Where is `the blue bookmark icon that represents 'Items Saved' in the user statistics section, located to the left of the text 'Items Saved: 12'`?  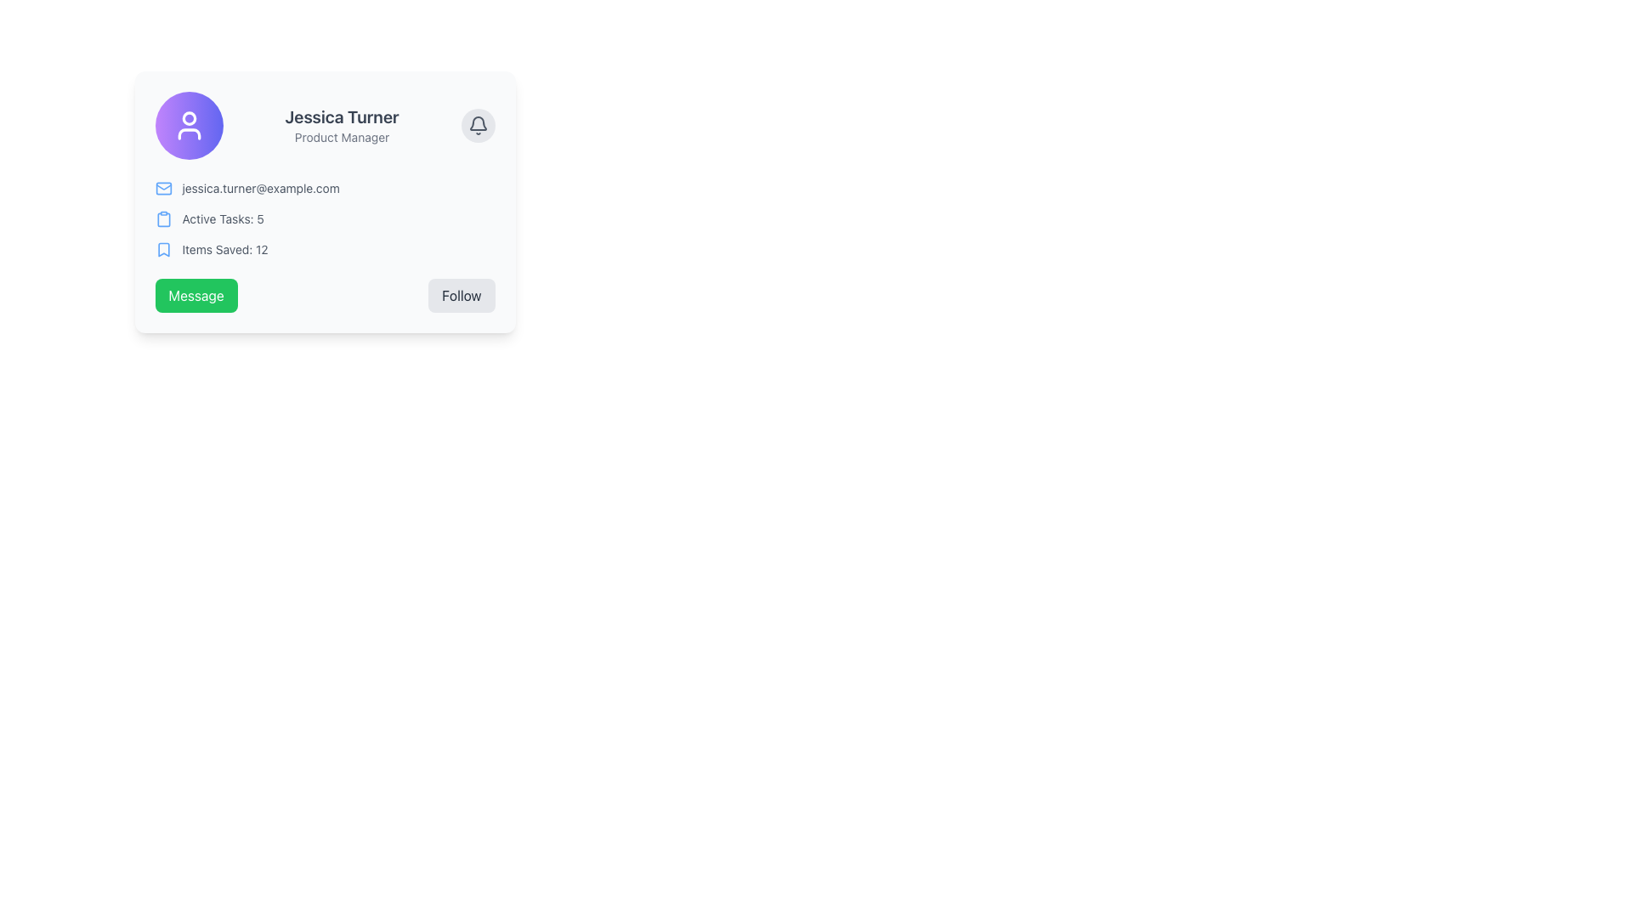 the blue bookmark icon that represents 'Items Saved' in the user statistics section, located to the left of the text 'Items Saved: 12' is located at coordinates (163, 249).